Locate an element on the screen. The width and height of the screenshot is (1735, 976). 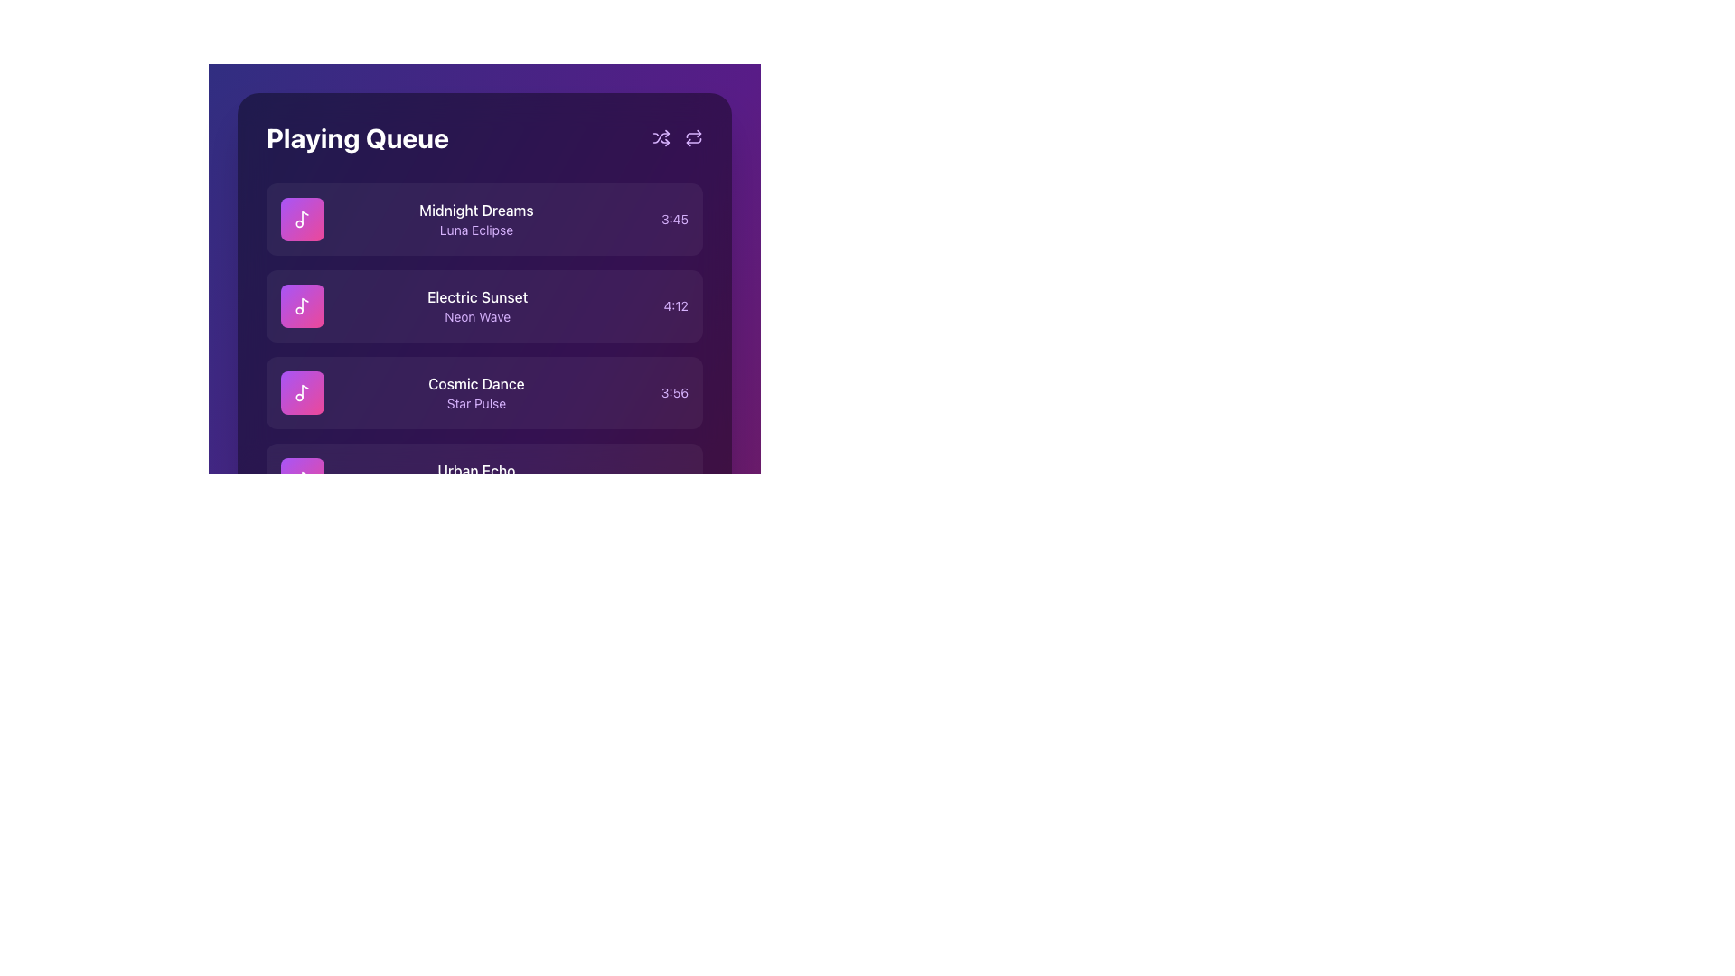
the fourth rich-content card titled 'Urban Echo' in the 'Playing Queue' list is located at coordinates (484, 479).